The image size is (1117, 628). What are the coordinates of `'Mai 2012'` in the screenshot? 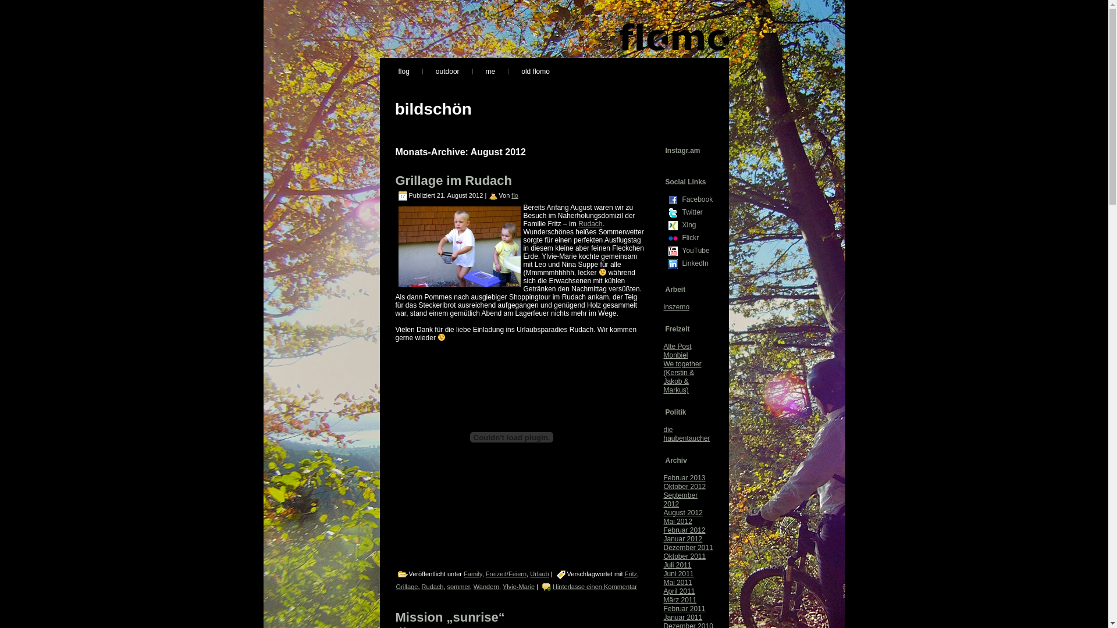 It's located at (677, 521).